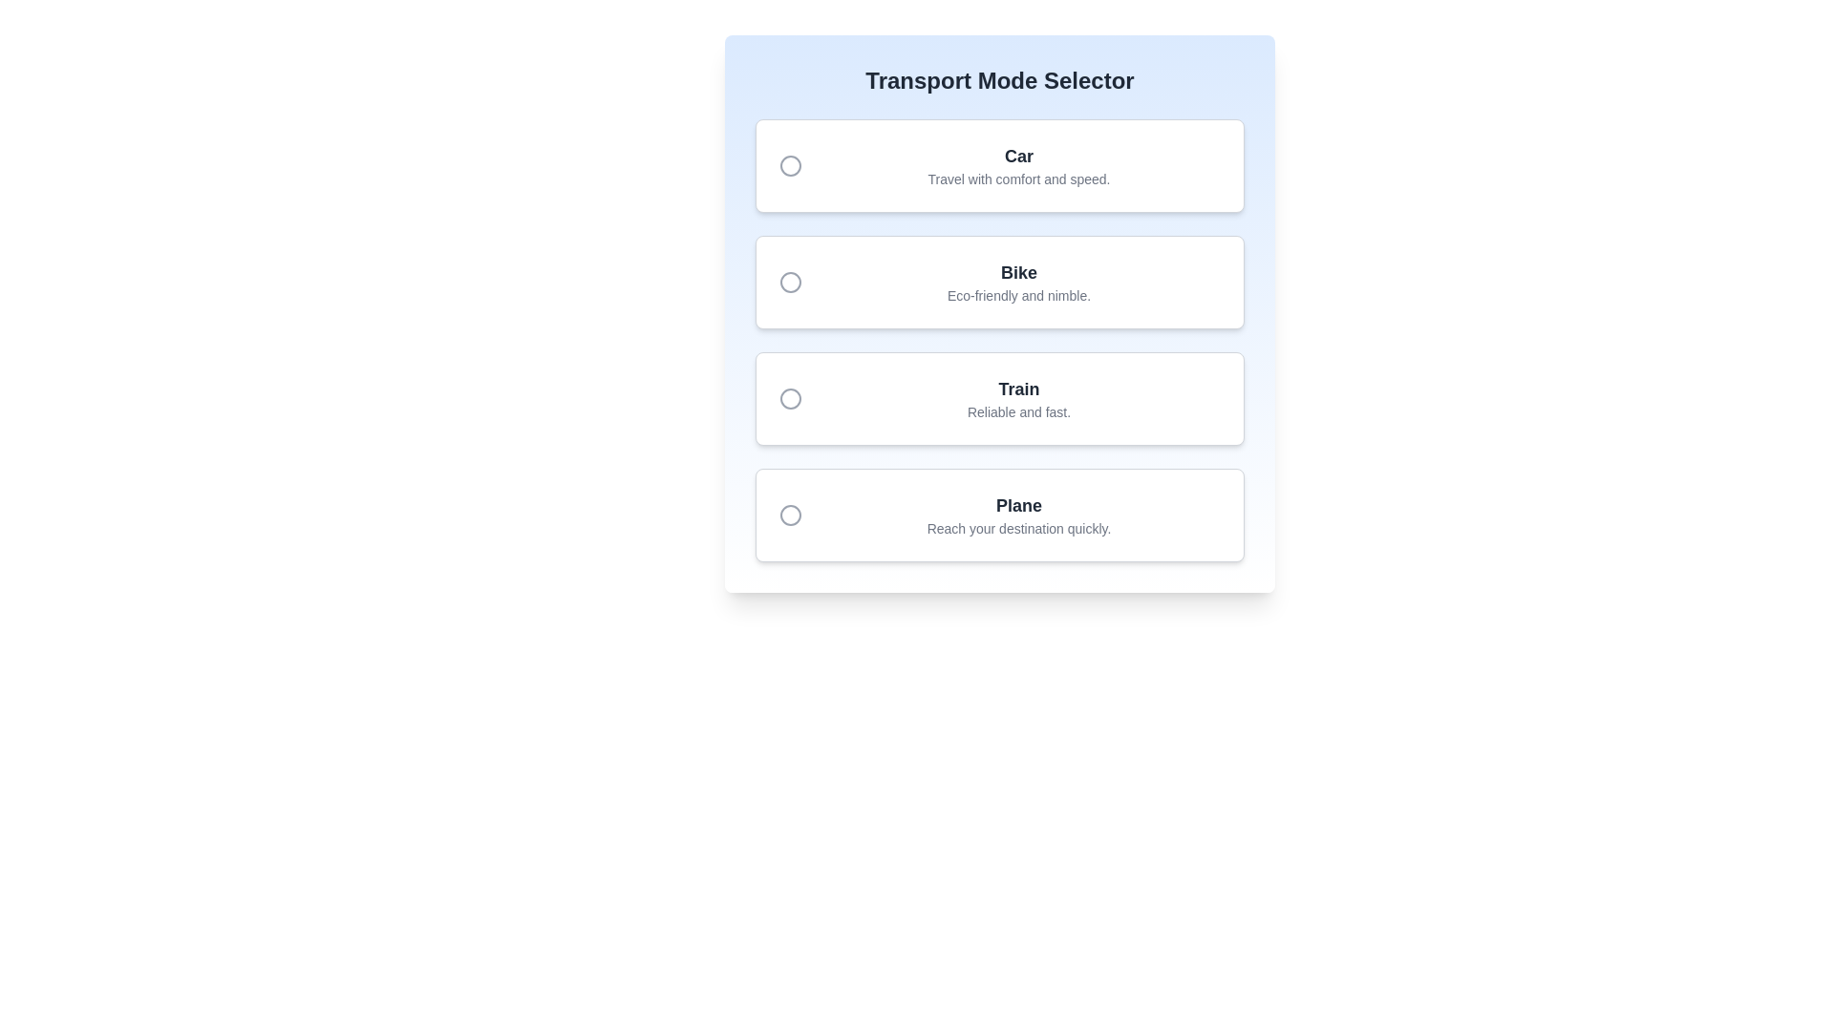 This screenshot has width=1834, height=1031. Describe the element at coordinates (791, 515) in the screenshot. I see `the Circular icon (SVG) located to the left of the 'Plane' text in the 'Transport Mode Selector' interface` at that location.